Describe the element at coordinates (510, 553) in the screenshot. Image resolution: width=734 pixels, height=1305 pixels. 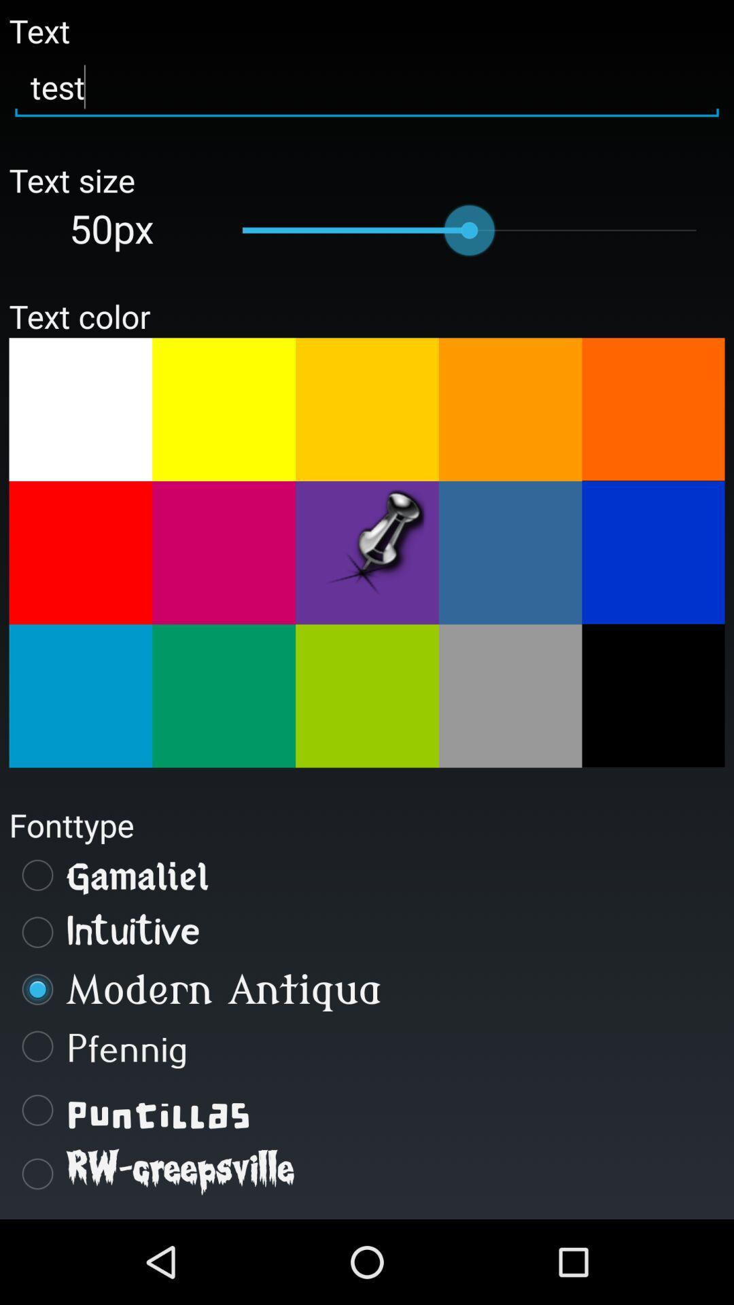
I see `text color option` at that location.